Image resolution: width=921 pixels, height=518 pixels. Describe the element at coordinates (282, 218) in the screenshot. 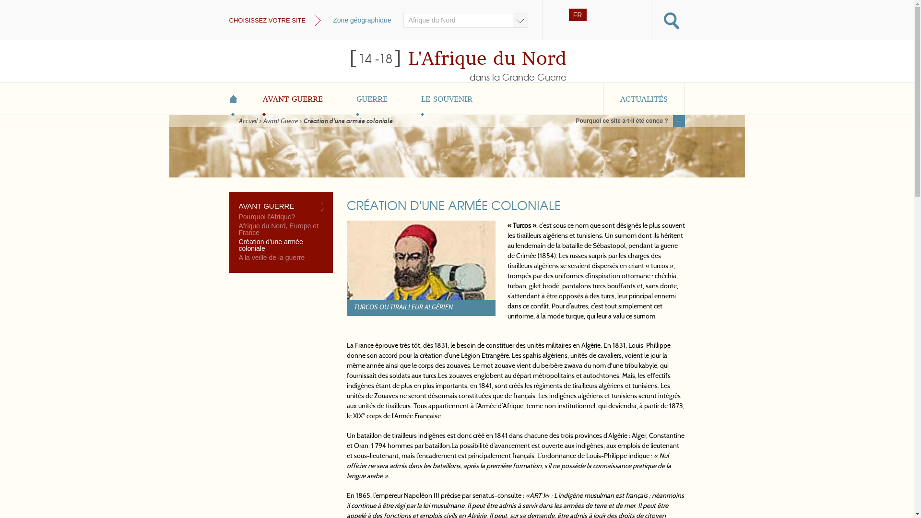

I see `'Pourquoi l'Afrique?'` at that location.